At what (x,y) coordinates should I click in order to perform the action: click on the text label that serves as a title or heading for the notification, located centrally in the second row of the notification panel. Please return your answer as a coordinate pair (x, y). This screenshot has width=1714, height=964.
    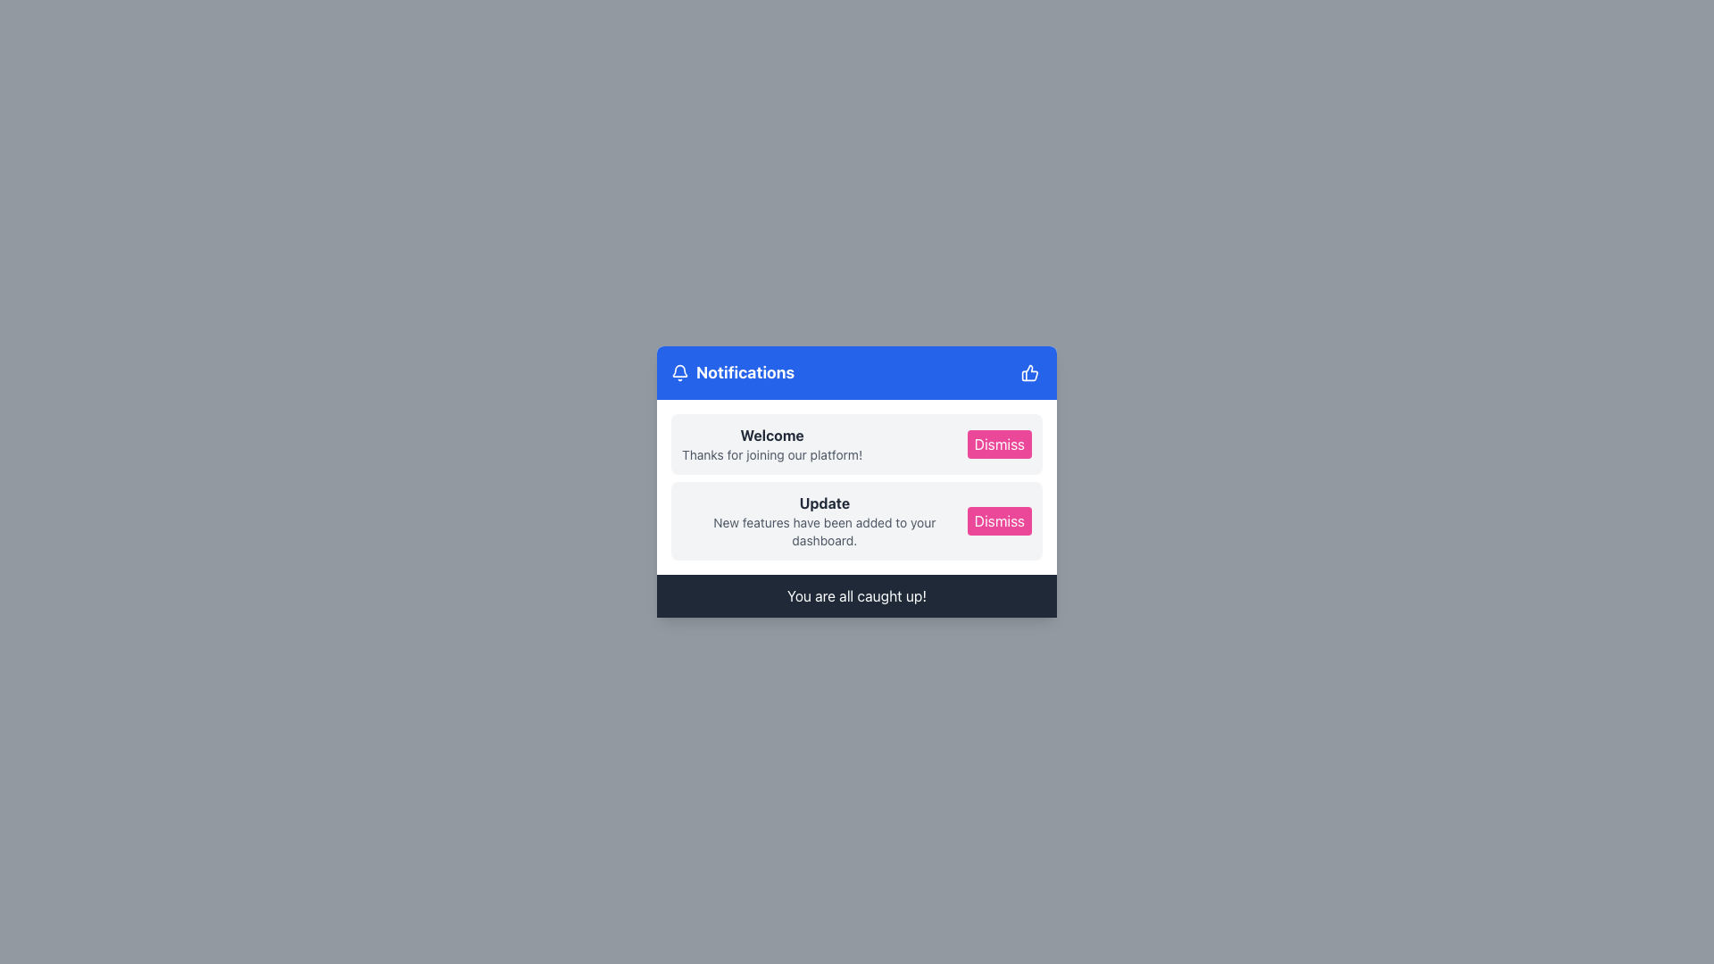
    Looking at the image, I should click on (823, 503).